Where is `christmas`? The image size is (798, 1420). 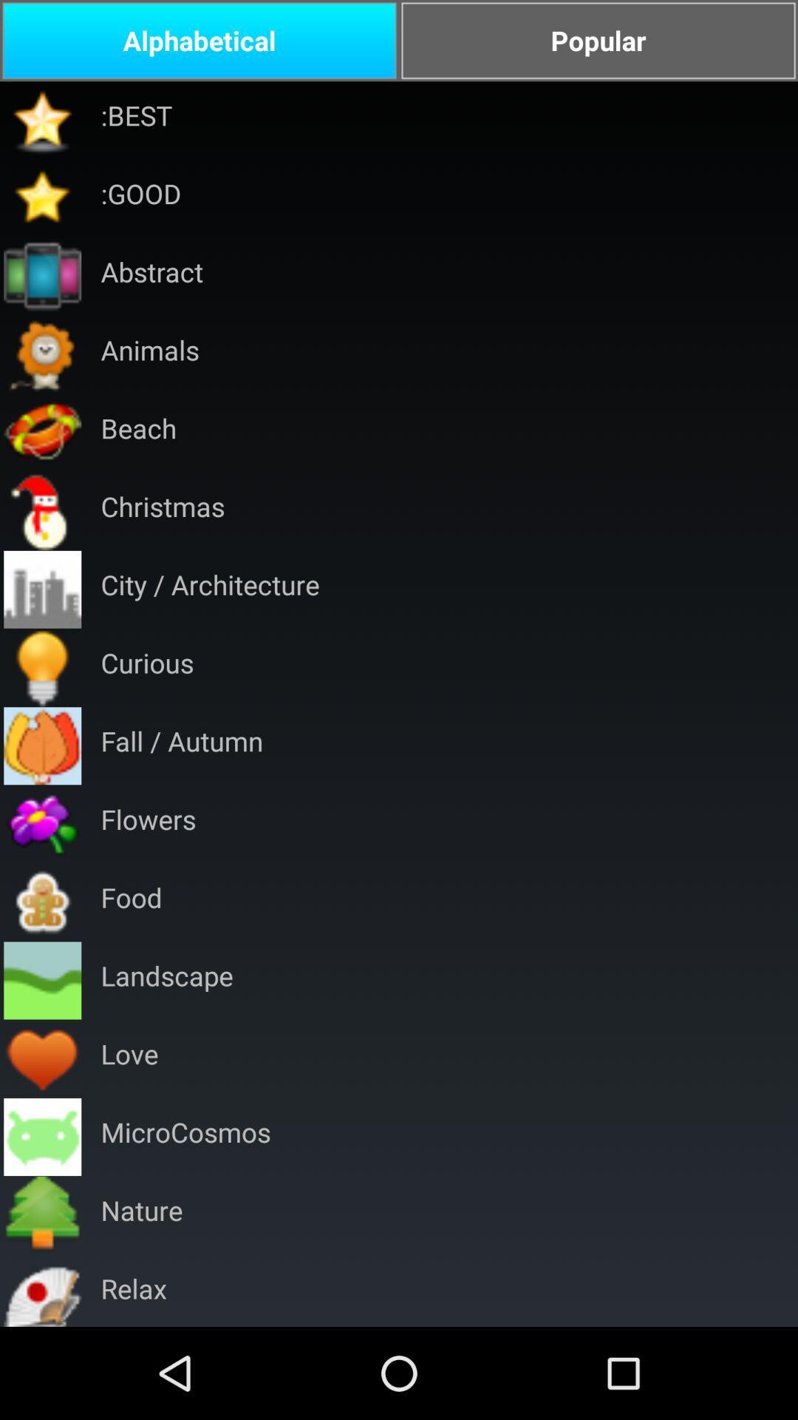
christmas is located at coordinates (163, 511).